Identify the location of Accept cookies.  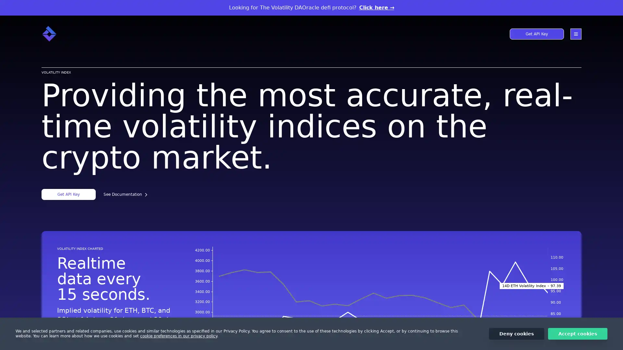
(578, 333).